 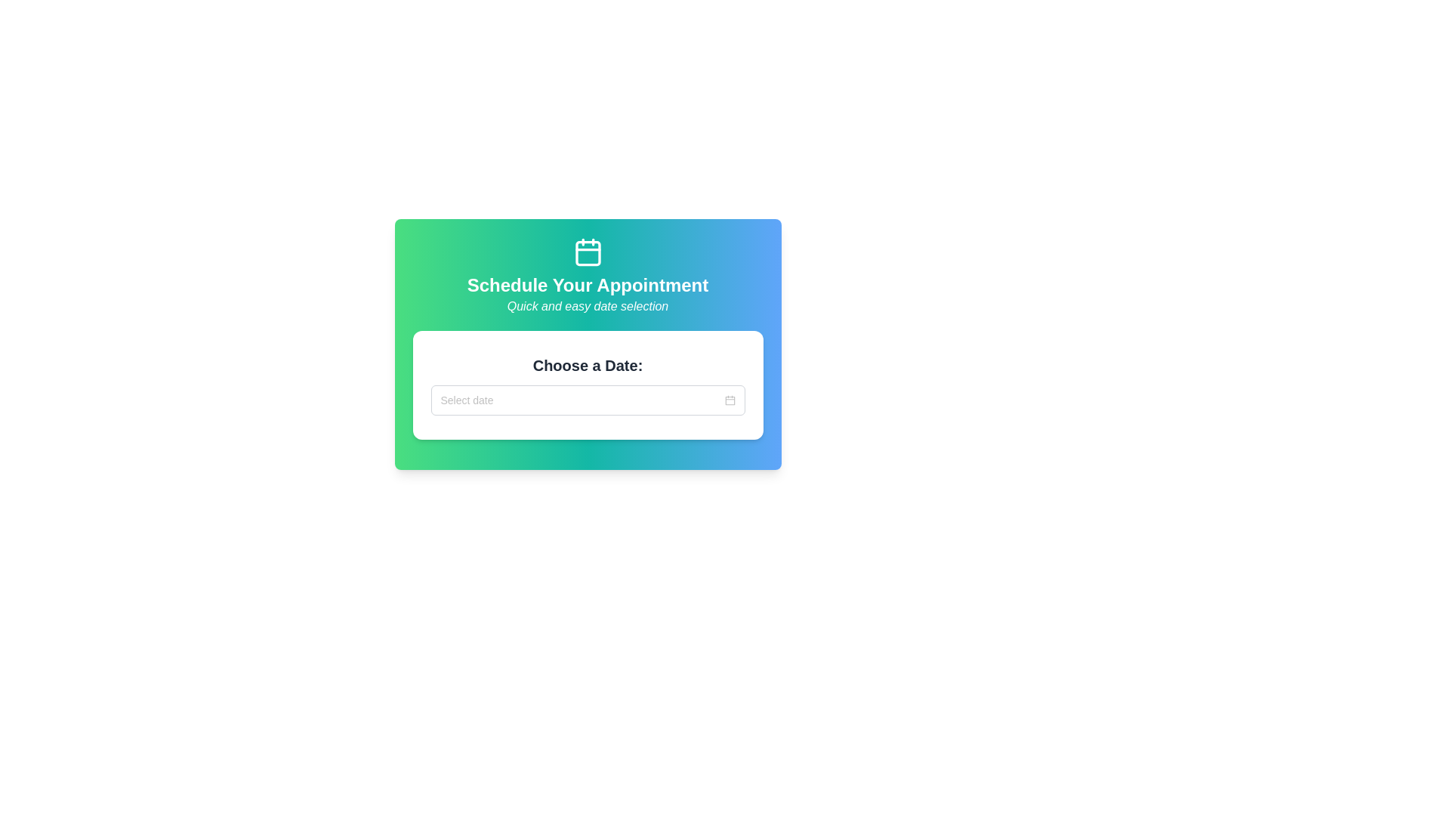 I want to click on the rounded rectangular frame of the decorative SVG element located centrally within the calendar icon at the top center of the card layout, so click(x=587, y=252).